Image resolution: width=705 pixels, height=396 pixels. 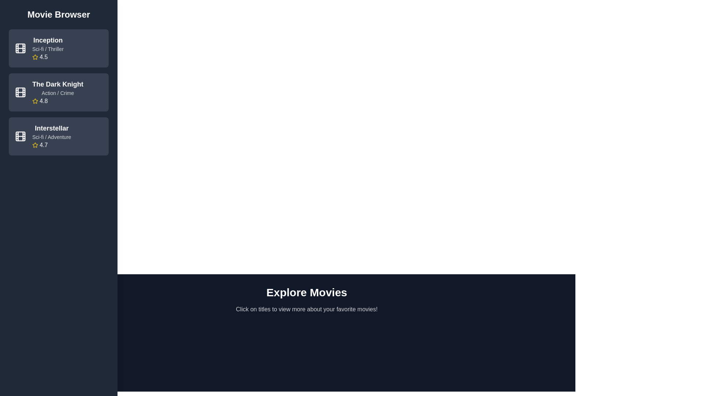 What do you see at coordinates (44, 280) in the screenshot?
I see `the toggle button at the top-left corner of the screen to toggle the drawer visibility` at bounding box center [44, 280].